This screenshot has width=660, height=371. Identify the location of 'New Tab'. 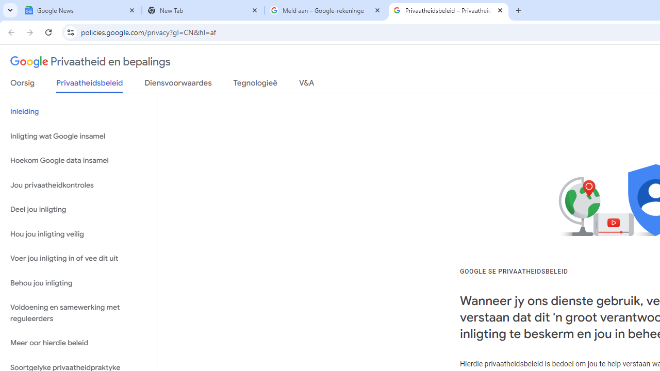
(203, 10).